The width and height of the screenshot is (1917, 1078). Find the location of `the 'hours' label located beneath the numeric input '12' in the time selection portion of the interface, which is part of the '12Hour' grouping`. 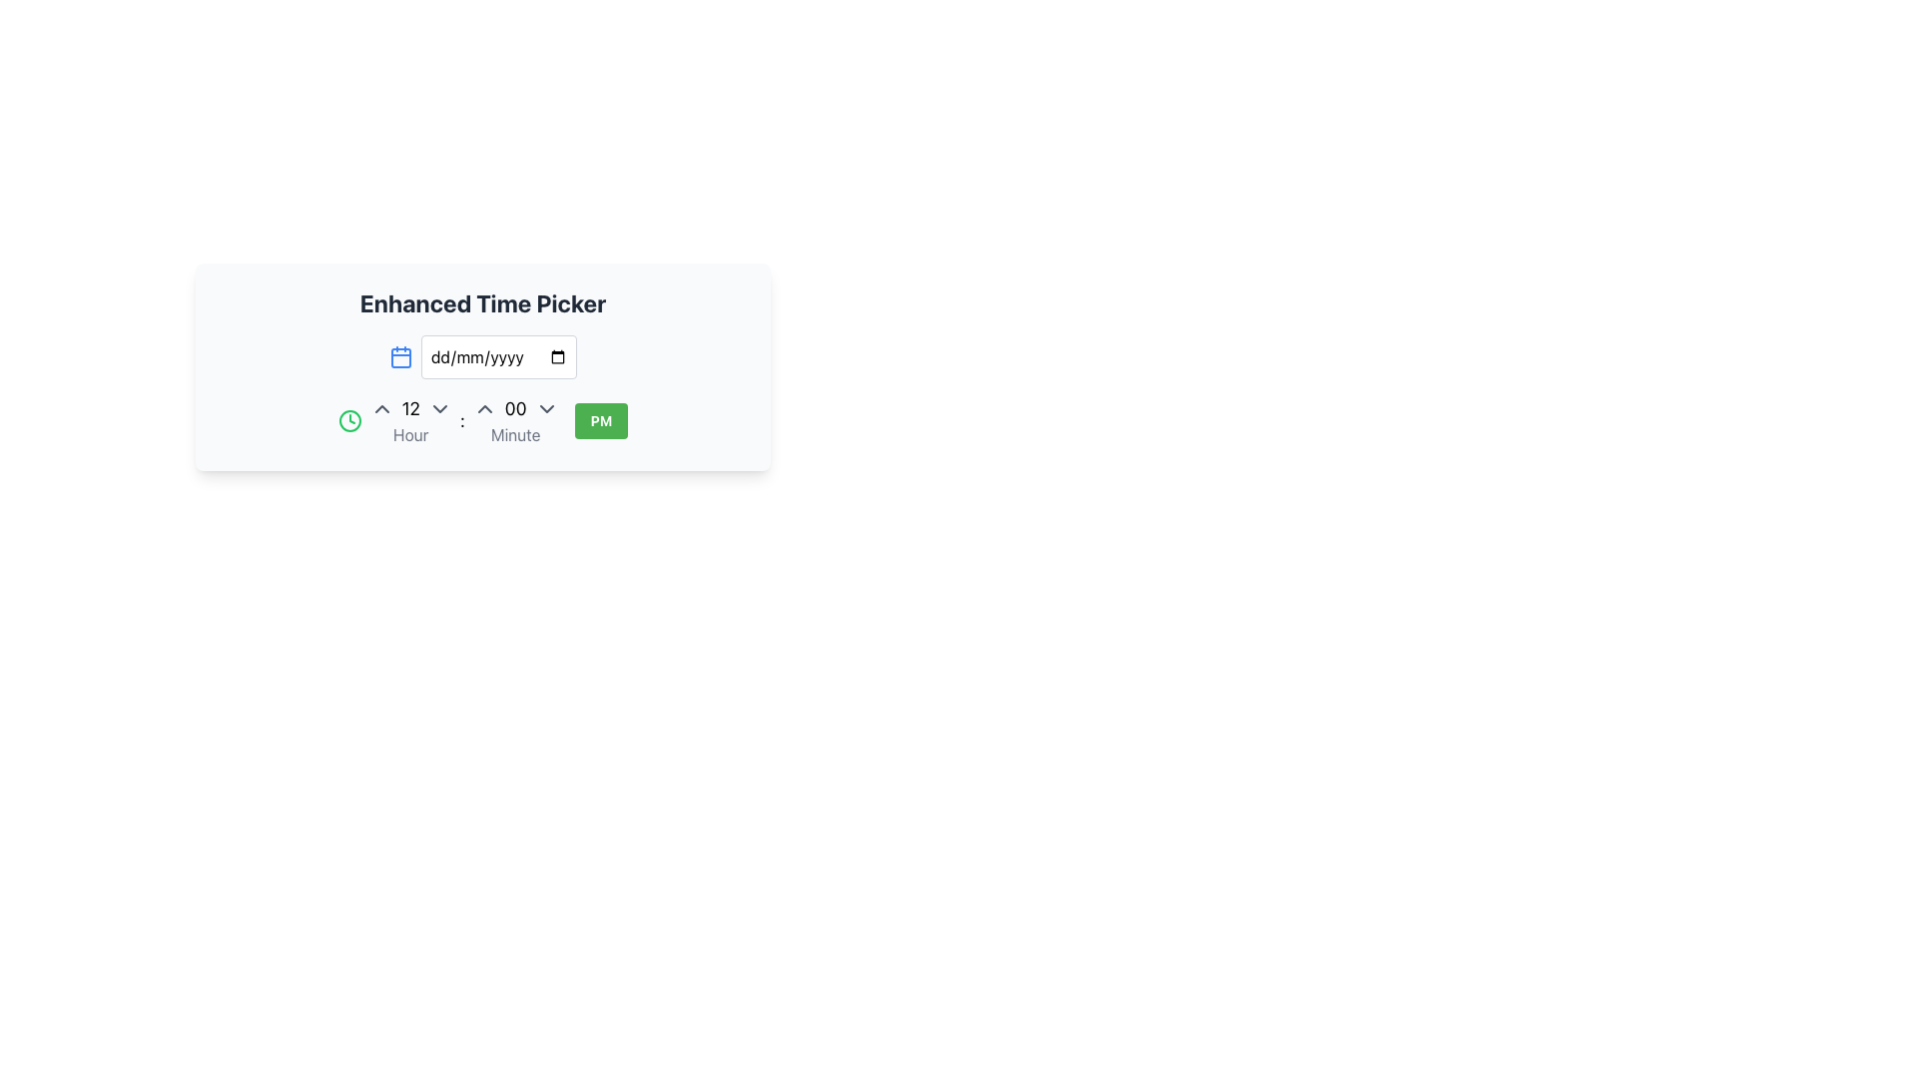

the 'hours' label located beneath the numeric input '12' in the time selection portion of the interface, which is part of the '12Hour' grouping is located at coordinates (409, 433).